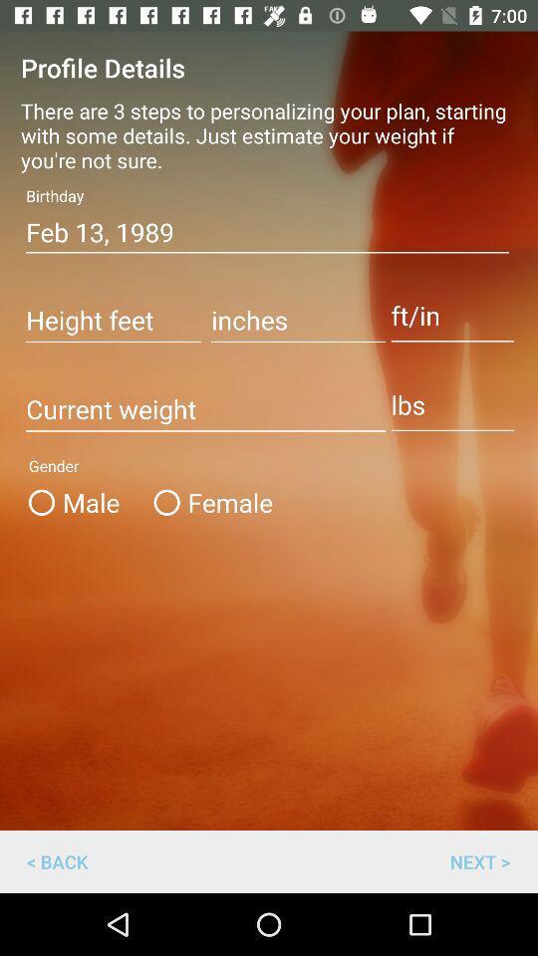  What do you see at coordinates (204, 409) in the screenshot?
I see `current weight entry` at bounding box center [204, 409].